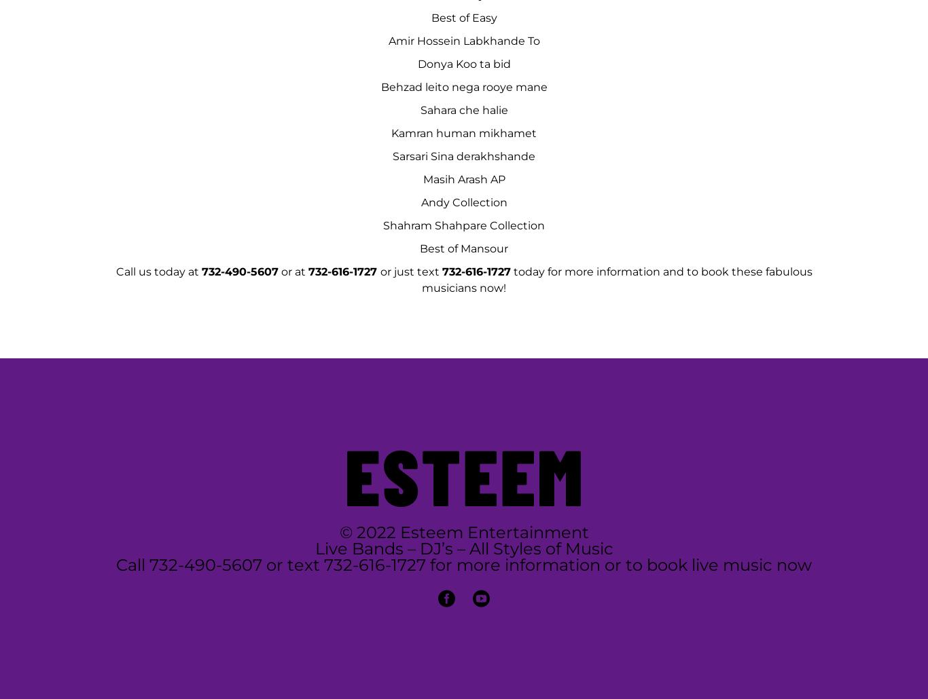 The height and width of the screenshot is (699, 928). Describe the element at coordinates (291, 271) in the screenshot. I see `'or at'` at that location.